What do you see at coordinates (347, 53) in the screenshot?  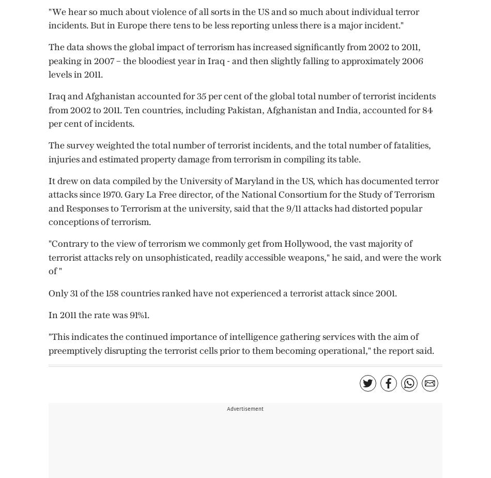 I see `'Tax Strategy'` at bounding box center [347, 53].